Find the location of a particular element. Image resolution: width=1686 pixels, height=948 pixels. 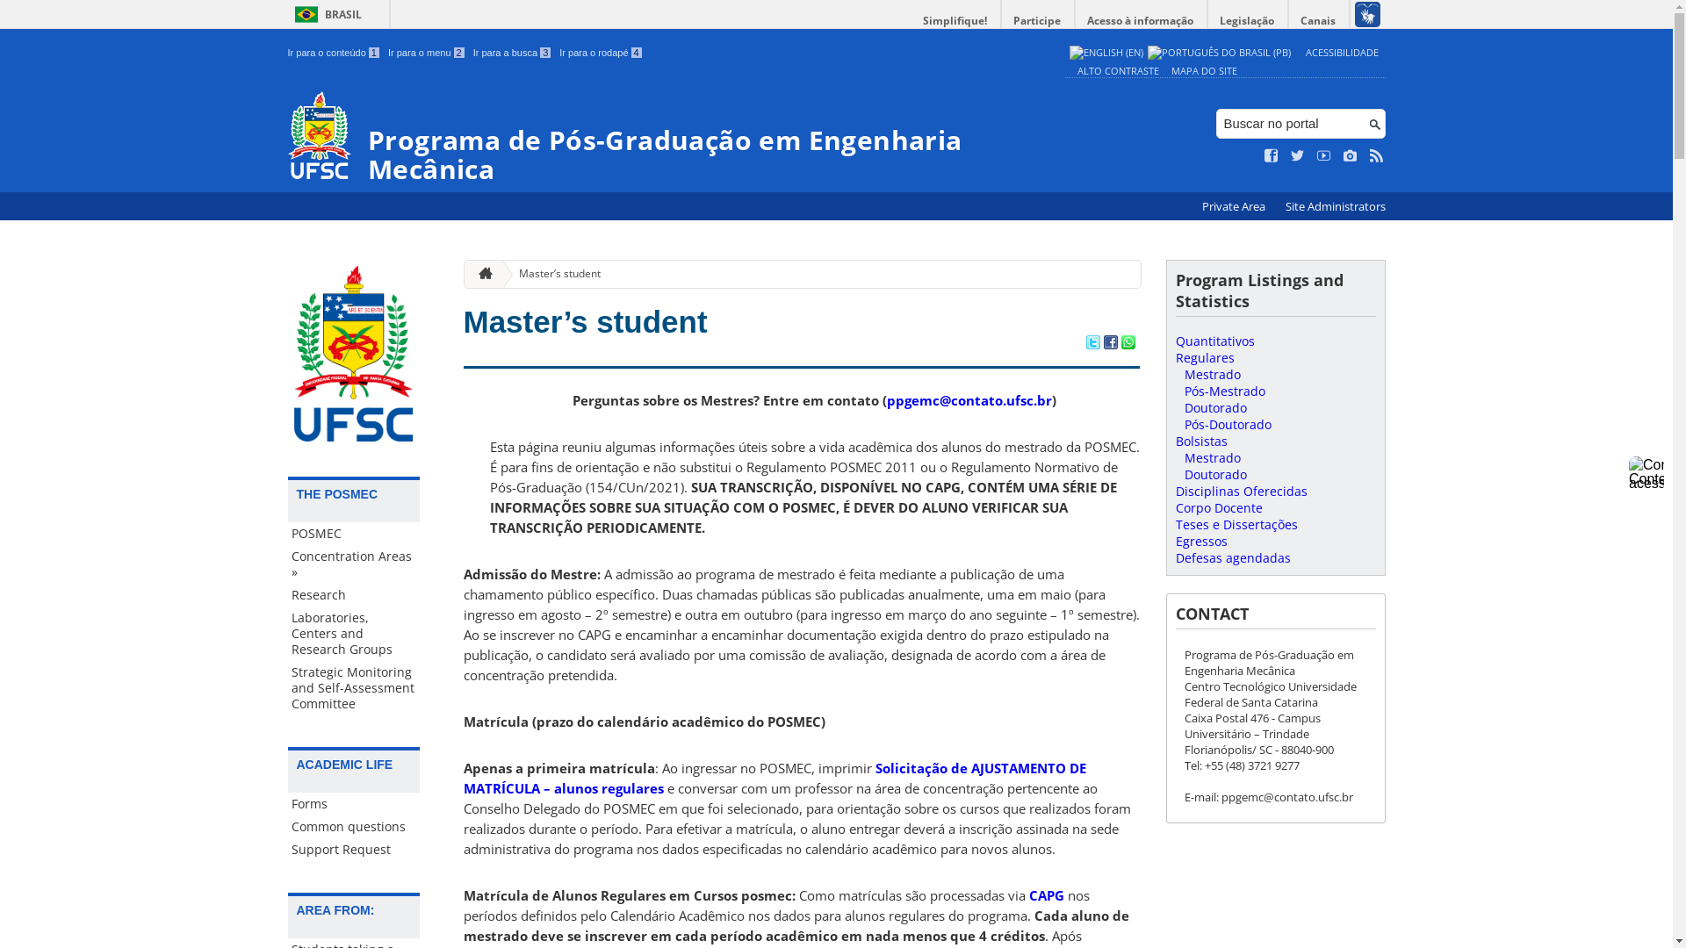

'MAPA DO SITE' is located at coordinates (1203, 69).